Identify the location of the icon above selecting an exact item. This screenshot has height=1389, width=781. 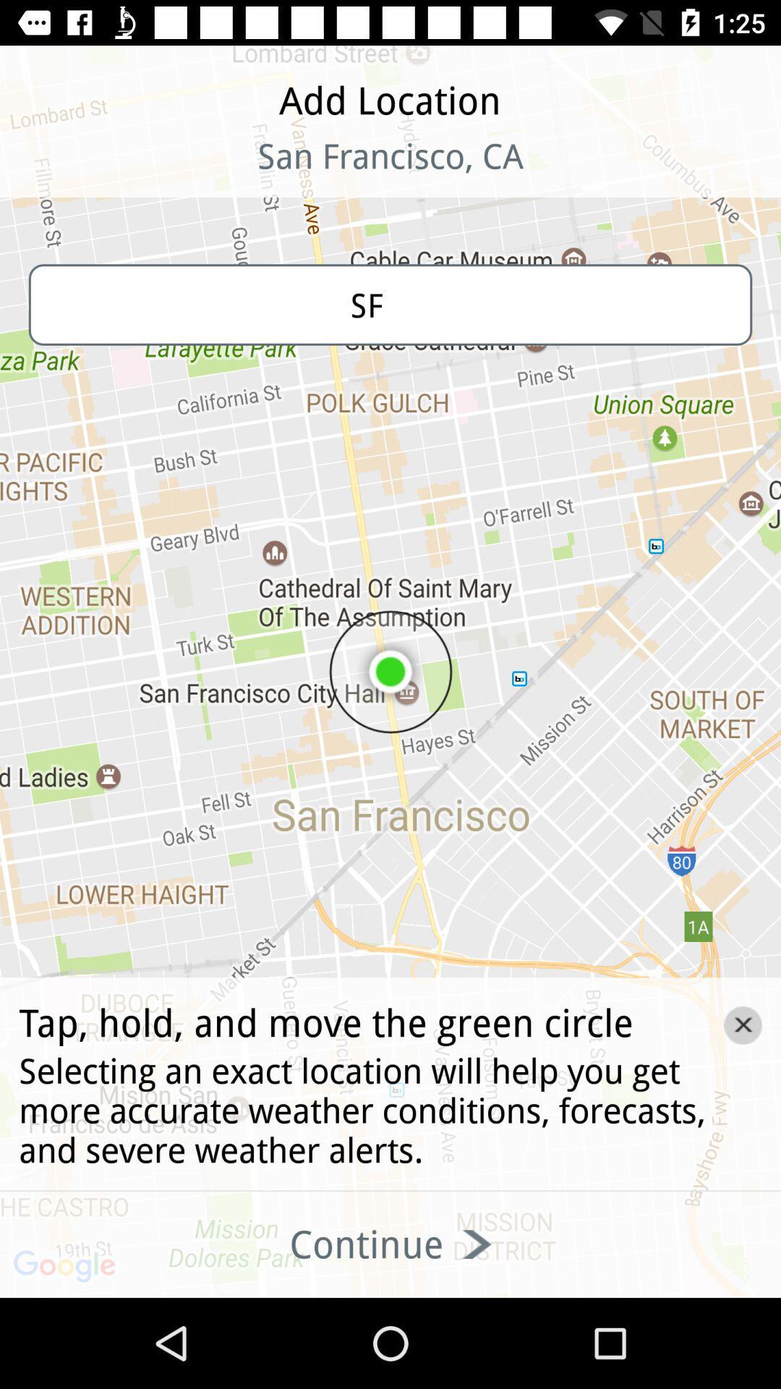
(743, 1024).